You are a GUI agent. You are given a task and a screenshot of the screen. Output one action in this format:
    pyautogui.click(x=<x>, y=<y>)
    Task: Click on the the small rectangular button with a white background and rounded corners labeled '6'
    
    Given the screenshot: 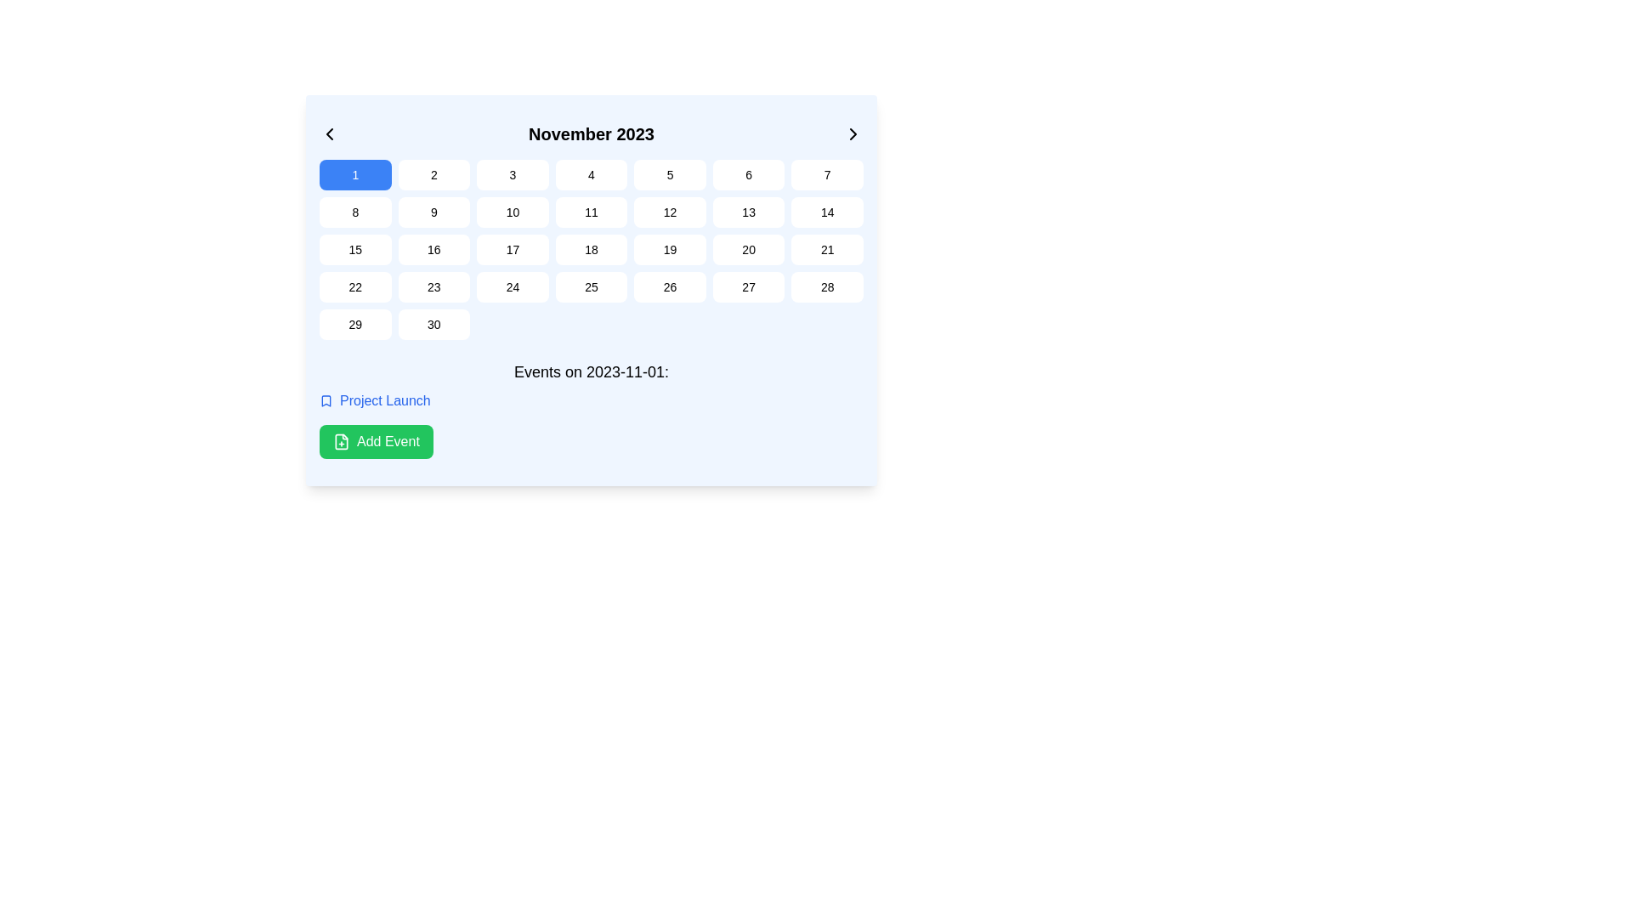 What is the action you would take?
    pyautogui.click(x=748, y=174)
    